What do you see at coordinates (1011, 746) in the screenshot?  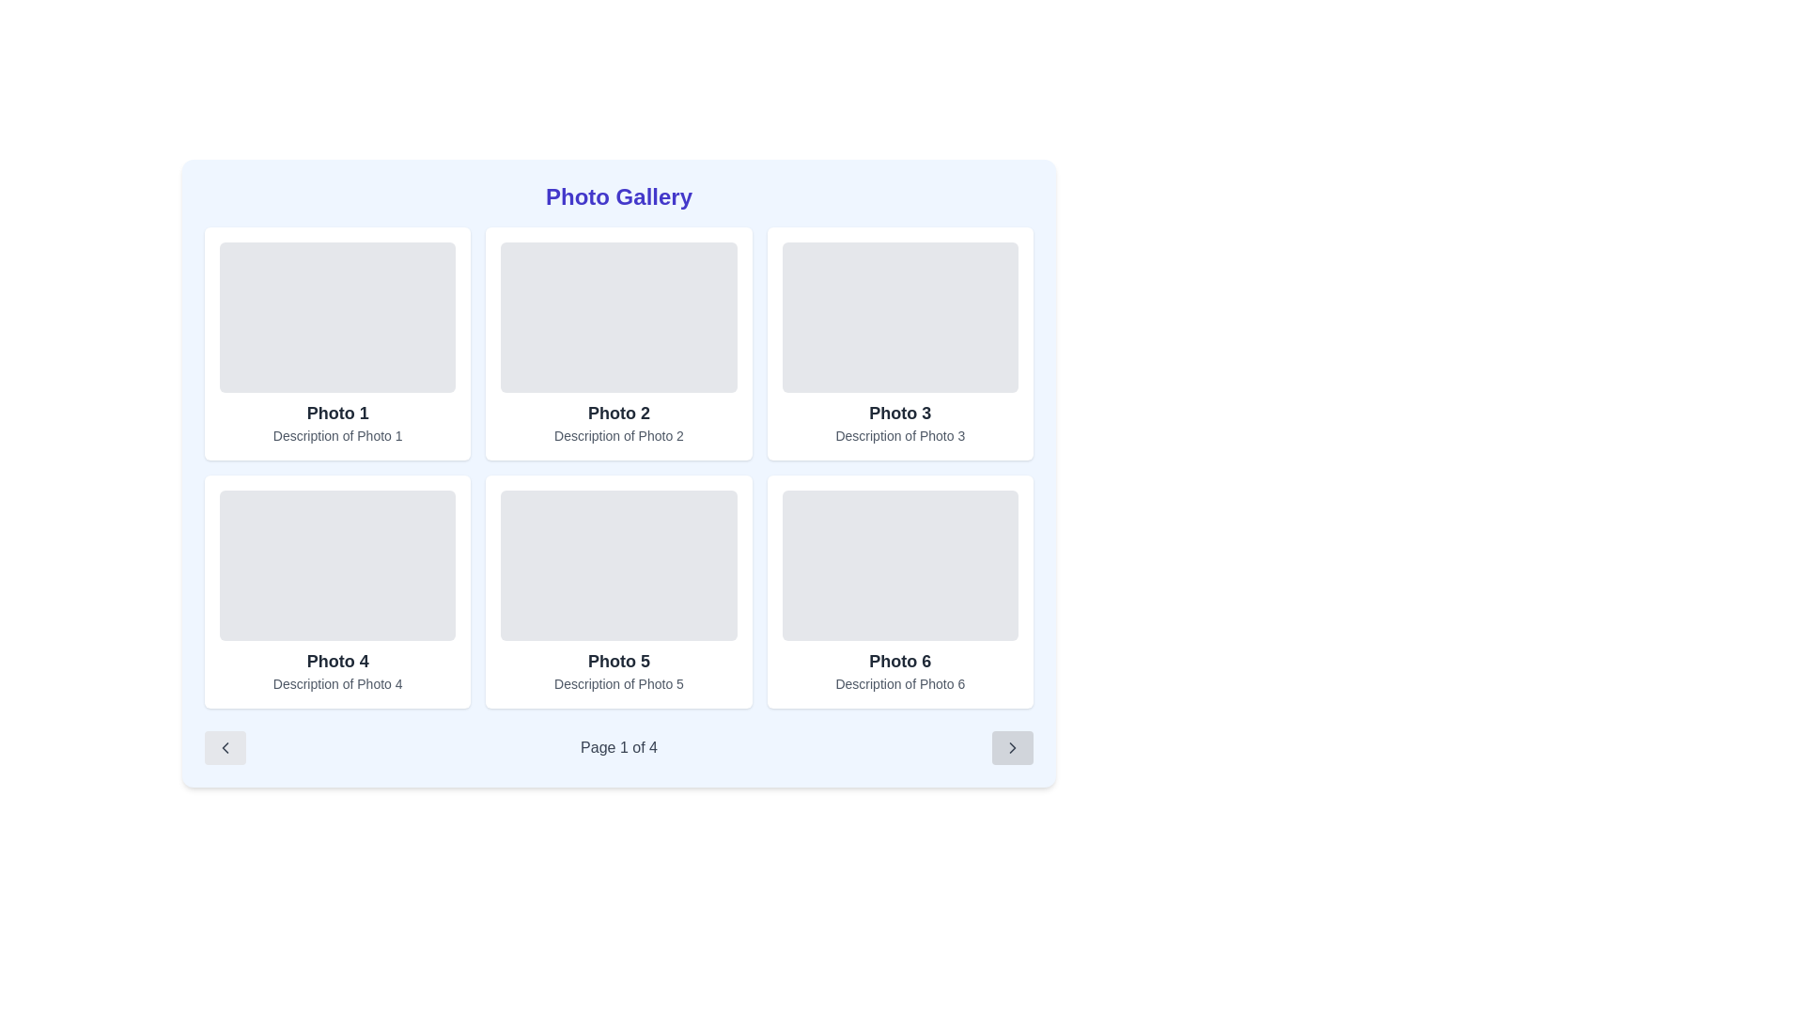 I see `the rightward chevron icon, which is a thin-lined triangular shape pointing to the right, located within the right navigation button at the bottom-right corner of the interface` at bounding box center [1011, 746].